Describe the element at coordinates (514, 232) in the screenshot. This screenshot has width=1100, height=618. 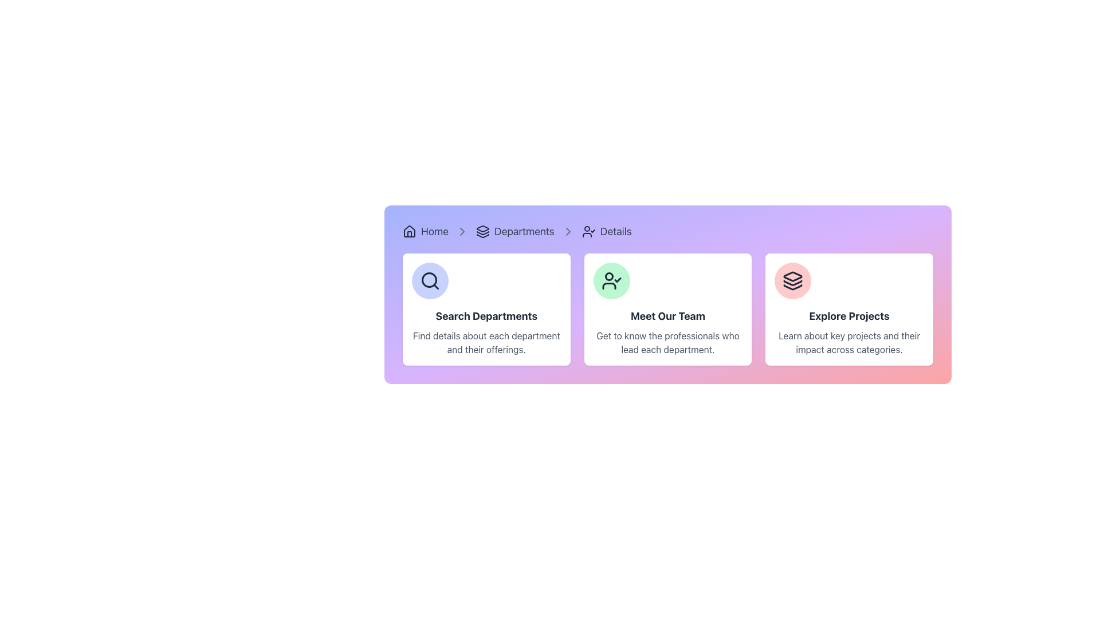
I see `the Breadcrumb Navigation Link labeled 'Departments'` at that location.